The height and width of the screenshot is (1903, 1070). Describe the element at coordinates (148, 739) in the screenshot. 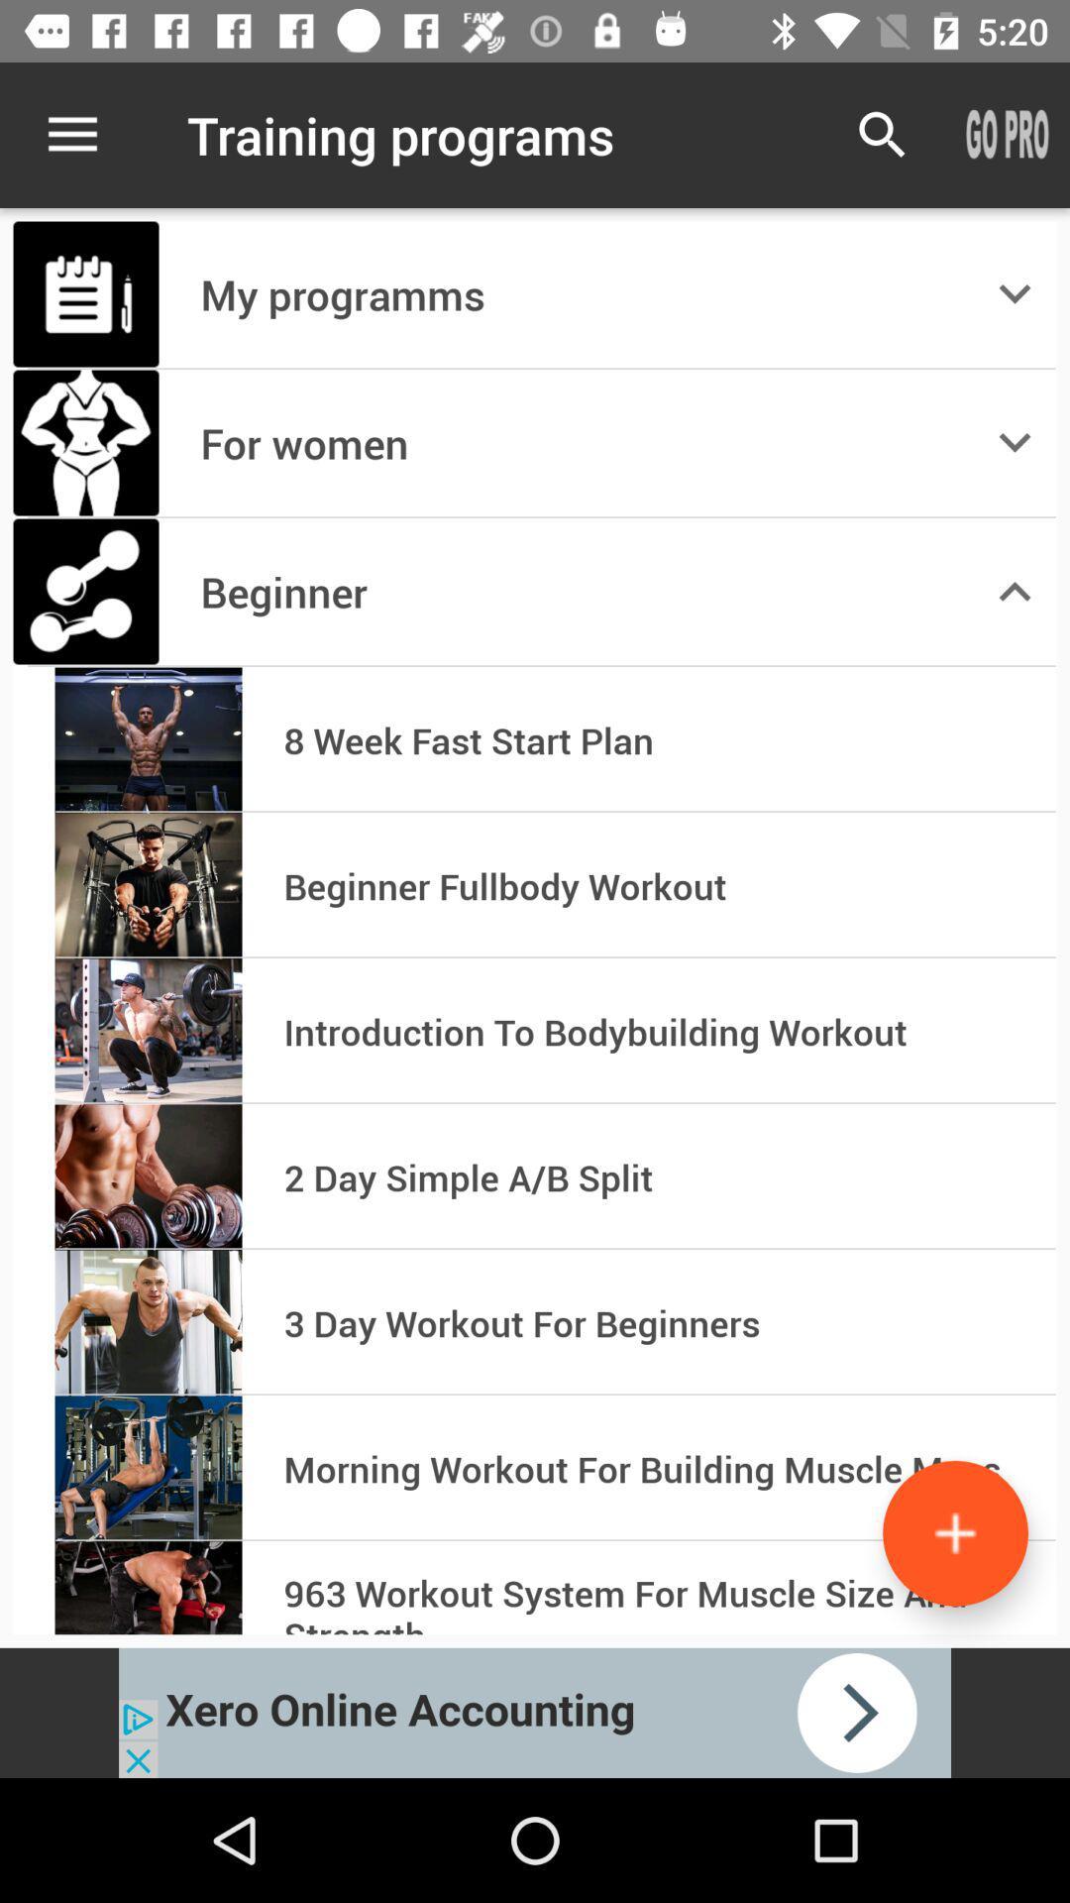

I see `the left 4th image body builder` at that location.